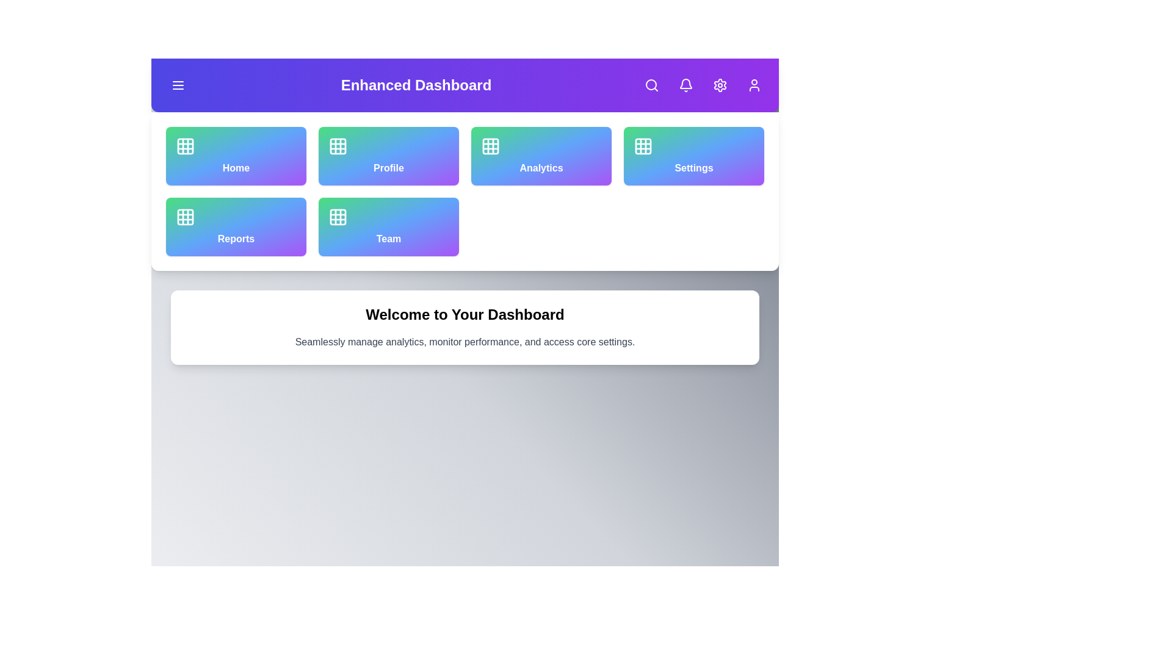 The width and height of the screenshot is (1172, 659). What do you see at coordinates (754, 84) in the screenshot?
I see `the user profile button` at bounding box center [754, 84].